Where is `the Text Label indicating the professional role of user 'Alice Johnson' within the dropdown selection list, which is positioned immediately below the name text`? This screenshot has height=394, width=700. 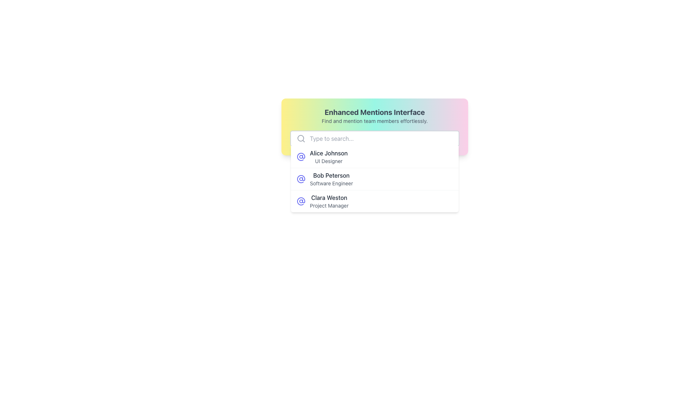 the Text Label indicating the professional role of user 'Alice Johnson' within the dropdown selection list, which is positioned immediately below the name text is located at coordinates (328, 161).